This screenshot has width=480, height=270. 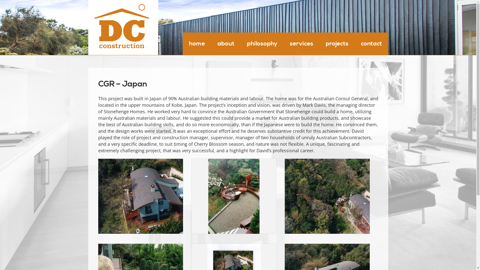 What do you see at coordinates (337, 43) in the screenshot?
I see `'projects'` at bounding box center [337, 43].